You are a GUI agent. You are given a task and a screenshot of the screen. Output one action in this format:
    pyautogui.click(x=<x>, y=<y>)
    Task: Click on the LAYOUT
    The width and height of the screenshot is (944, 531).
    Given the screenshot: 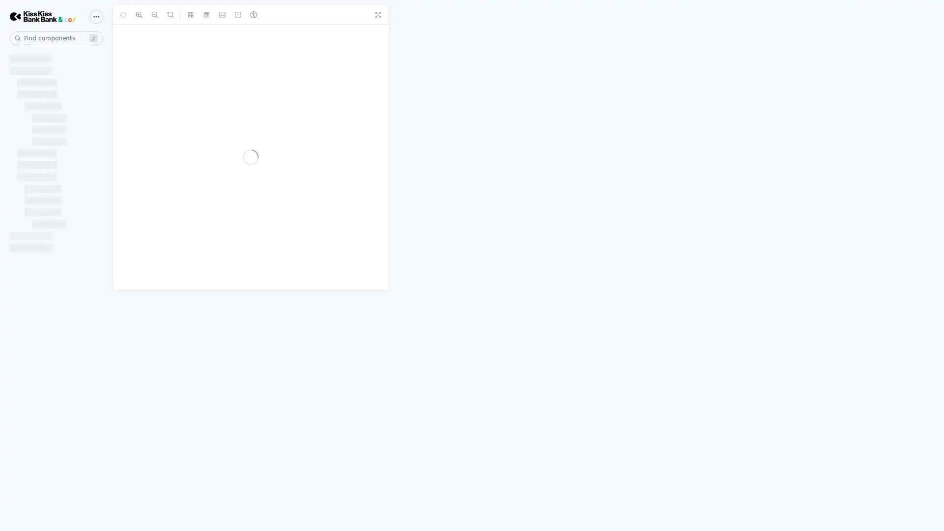 What is the action you would take?
    pyautogui.click(x=25, y=288)
    